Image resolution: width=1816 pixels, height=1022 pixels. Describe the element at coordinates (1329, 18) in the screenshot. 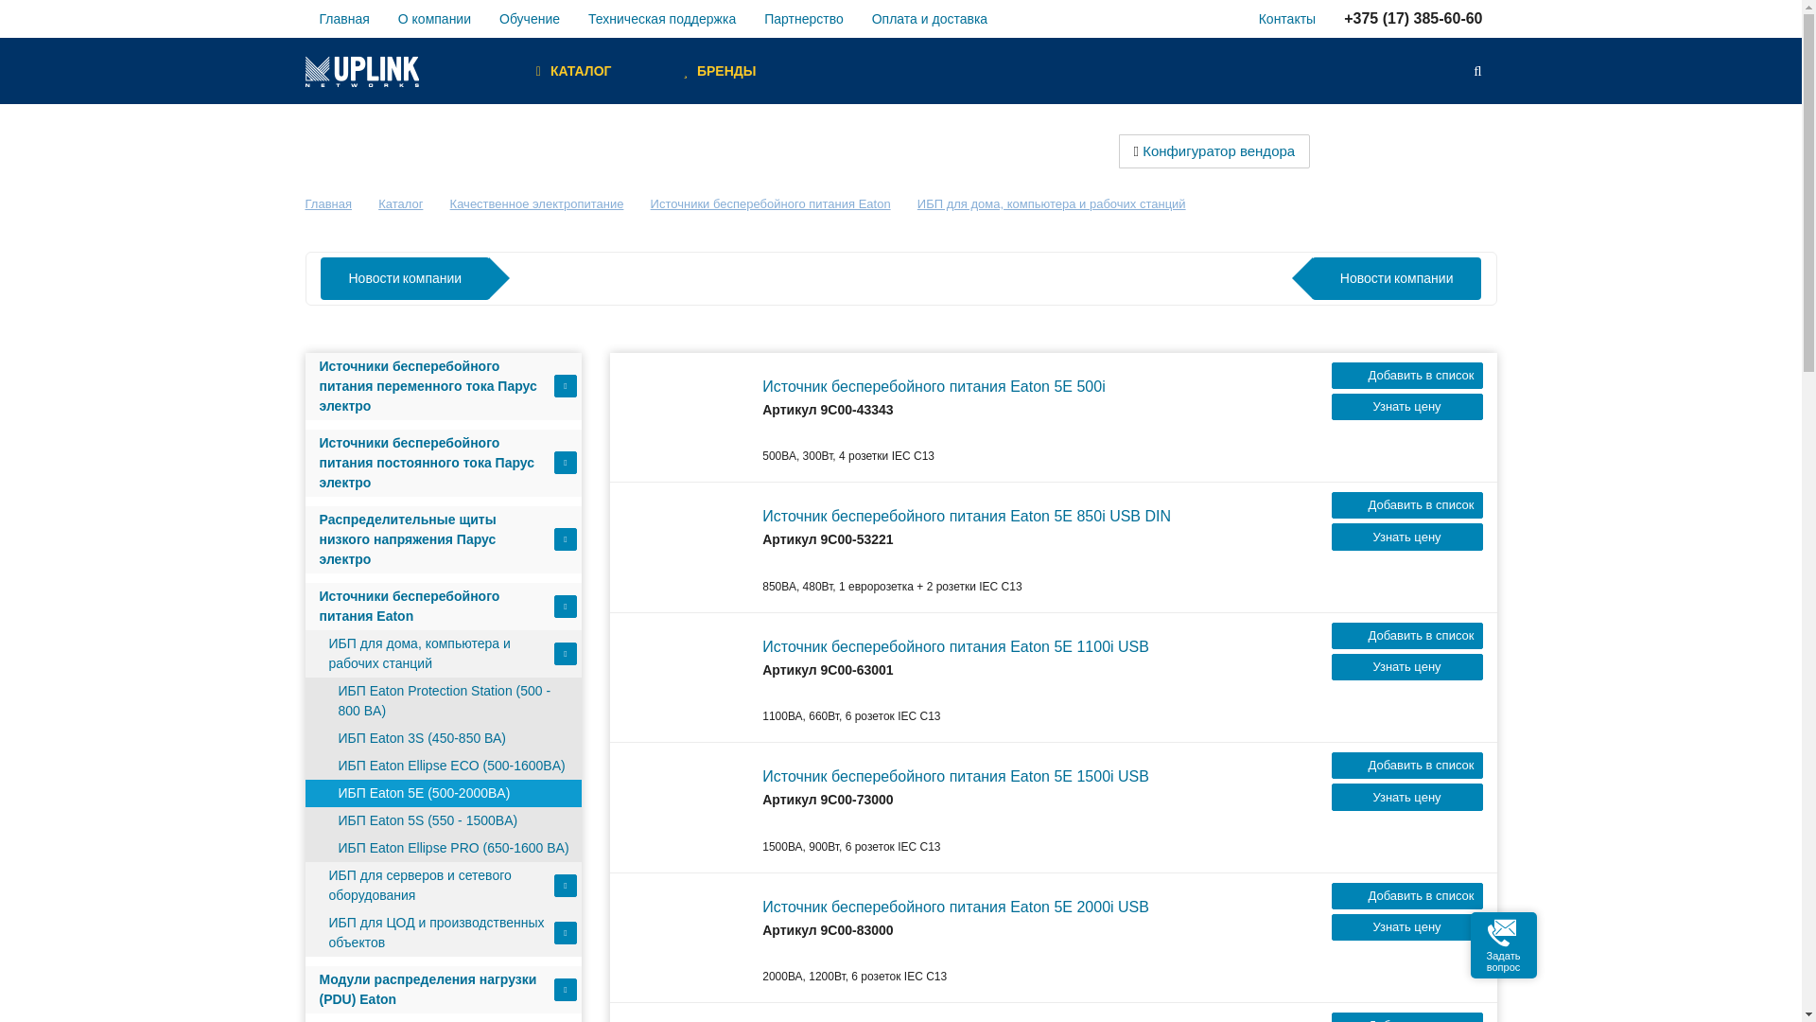

I see `'+375 (17) 385-60-60'` at that location.